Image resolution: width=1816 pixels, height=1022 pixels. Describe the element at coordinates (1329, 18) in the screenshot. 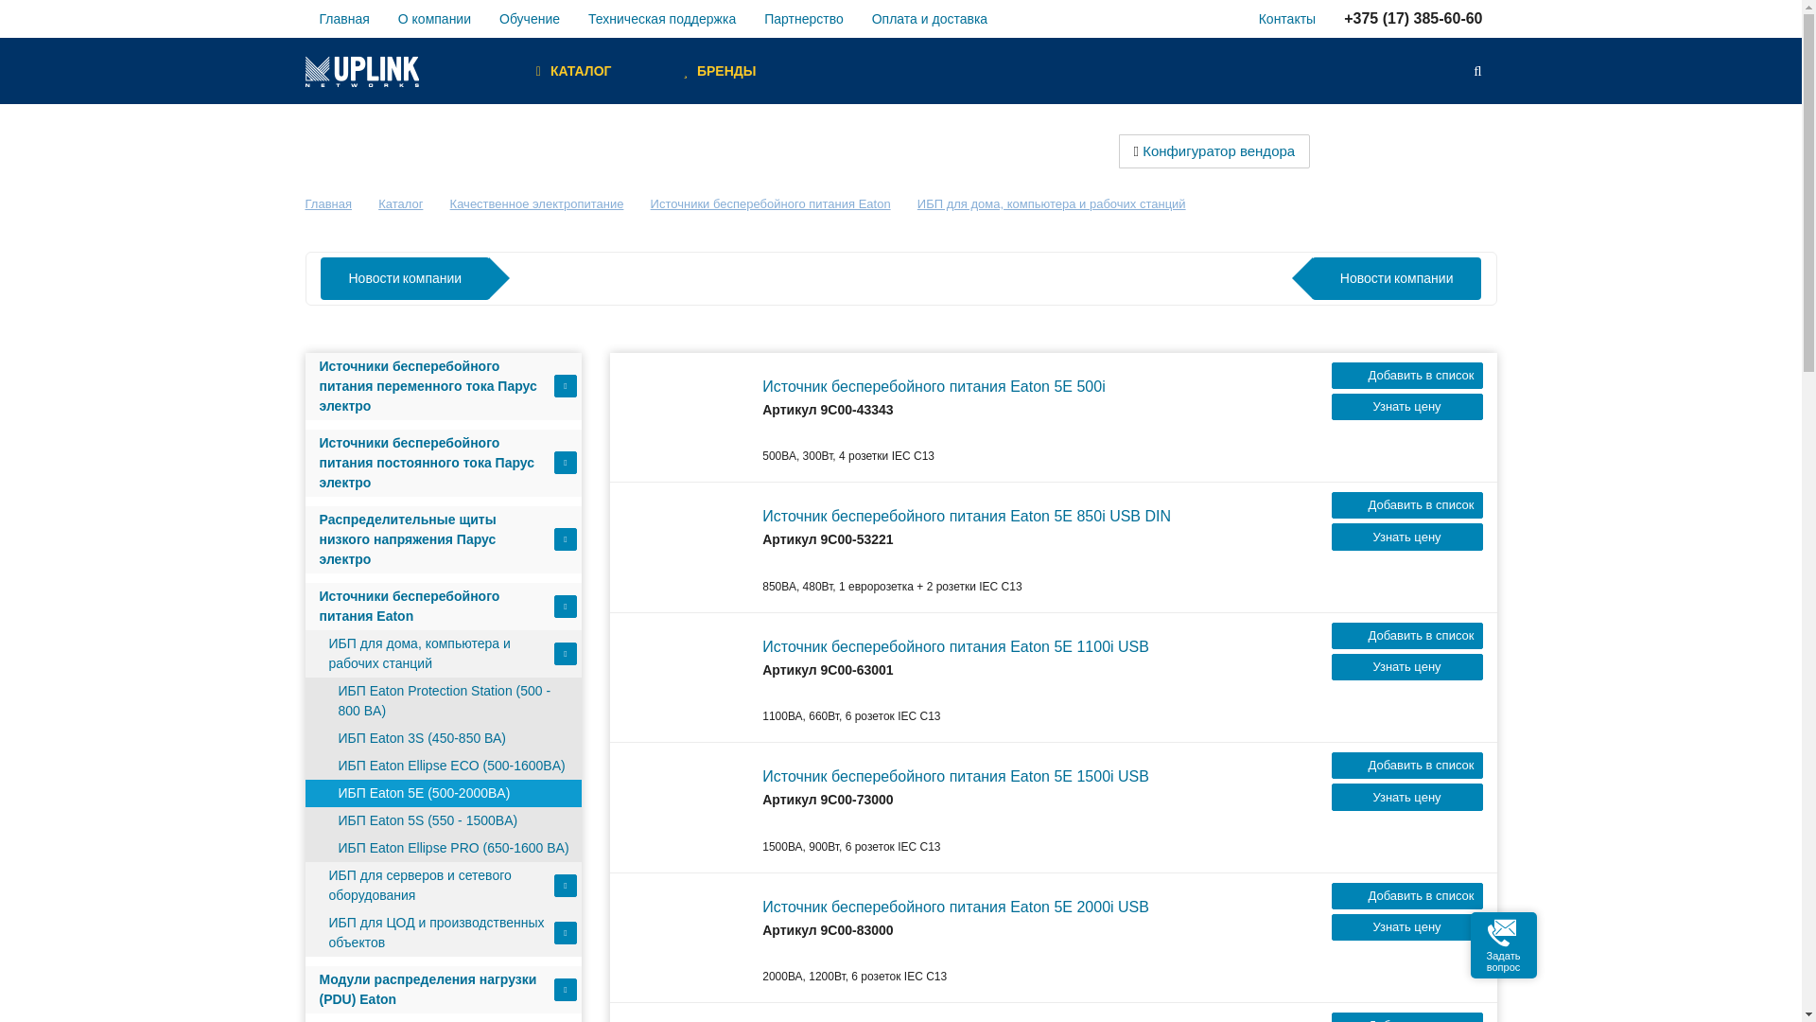

I see `'+375 (17) 385-60-60'` at that location.